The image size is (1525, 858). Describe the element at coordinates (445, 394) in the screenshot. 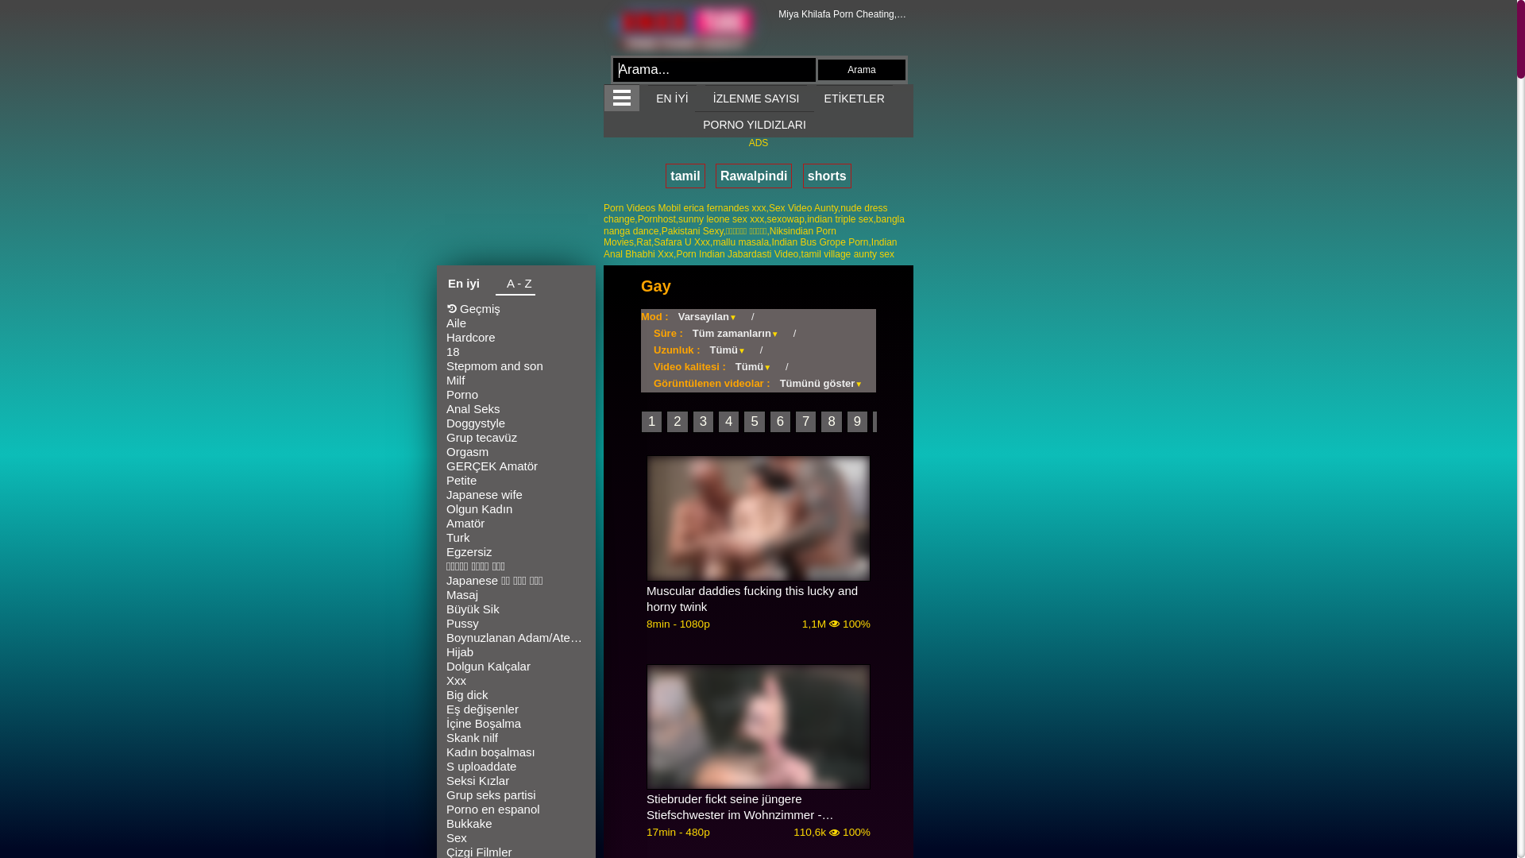

I see `'Porno'` at that location.